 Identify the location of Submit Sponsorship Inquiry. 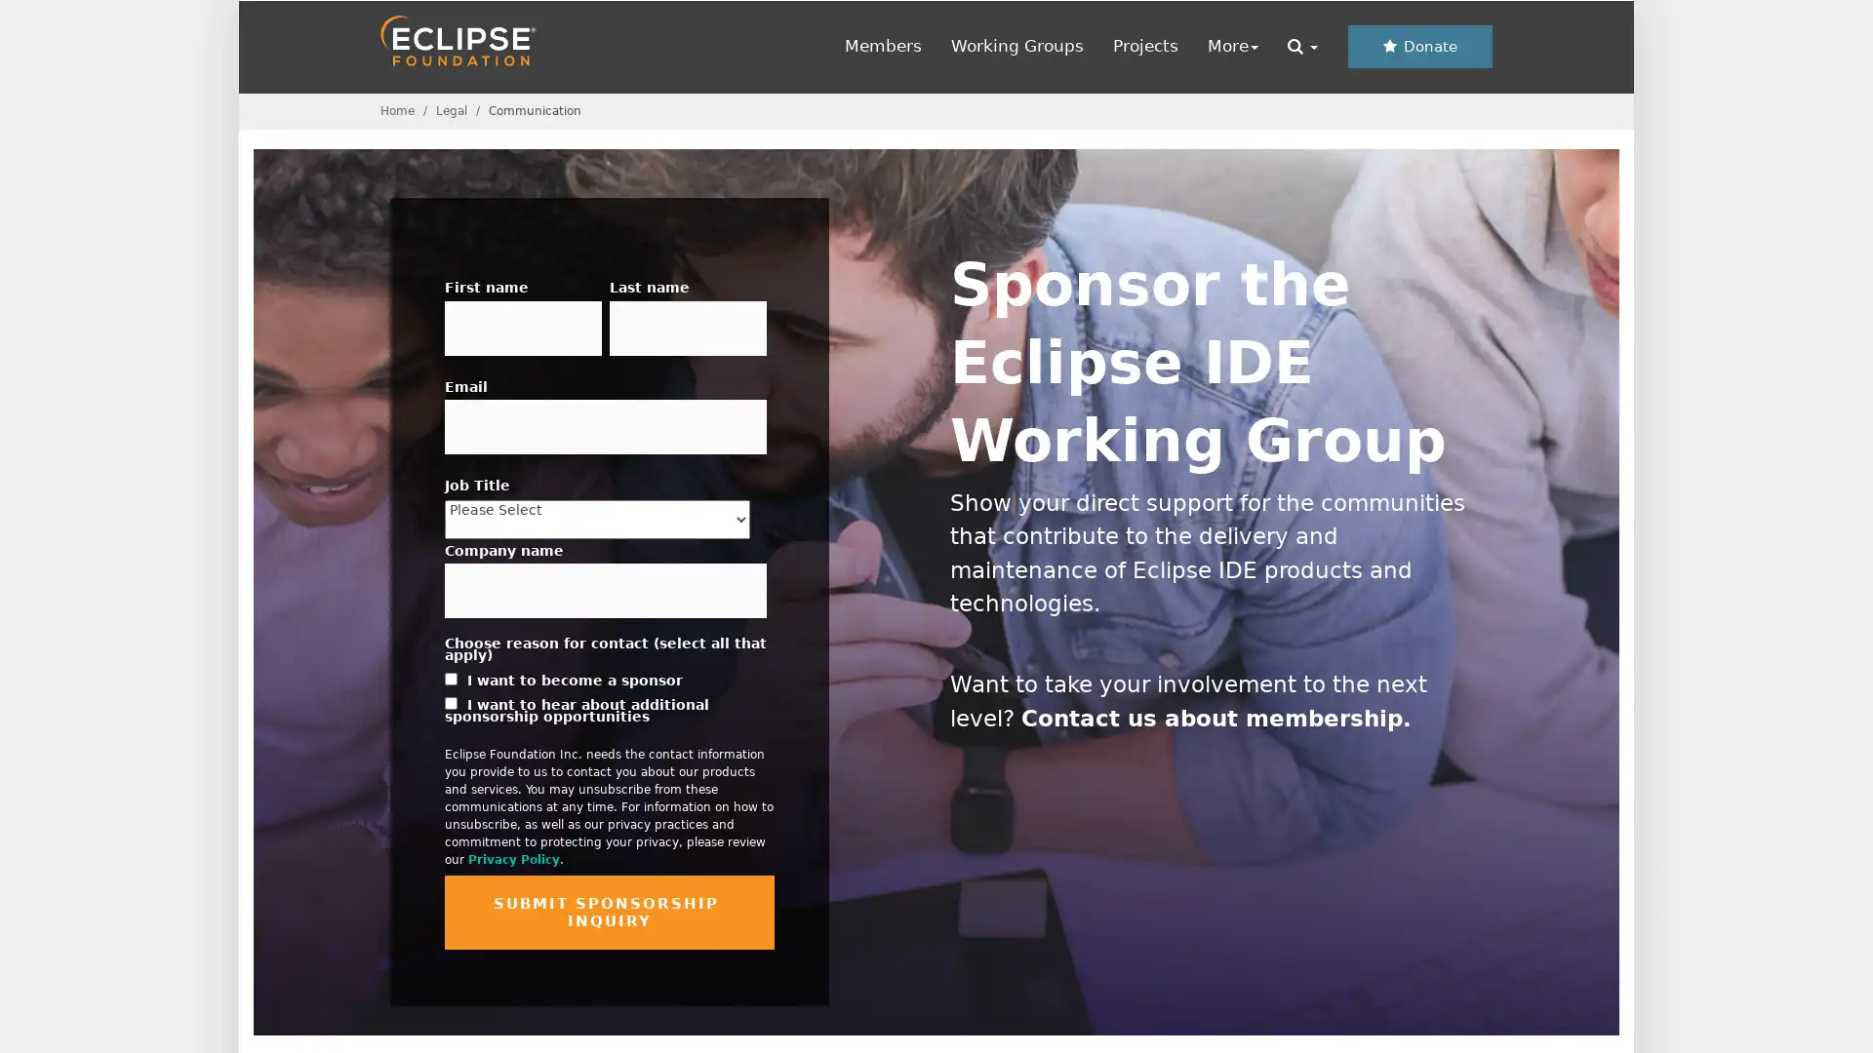
(608, 913).